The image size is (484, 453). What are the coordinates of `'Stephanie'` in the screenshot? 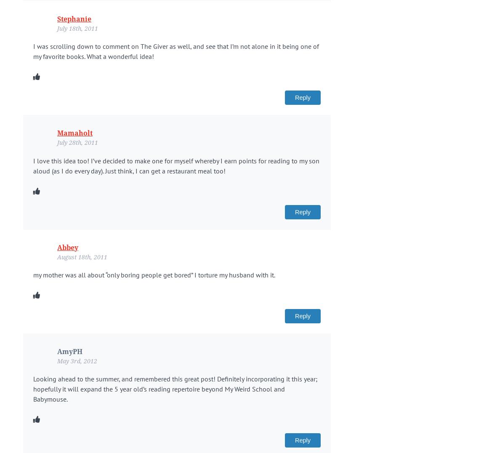 It's located at (57, 18).